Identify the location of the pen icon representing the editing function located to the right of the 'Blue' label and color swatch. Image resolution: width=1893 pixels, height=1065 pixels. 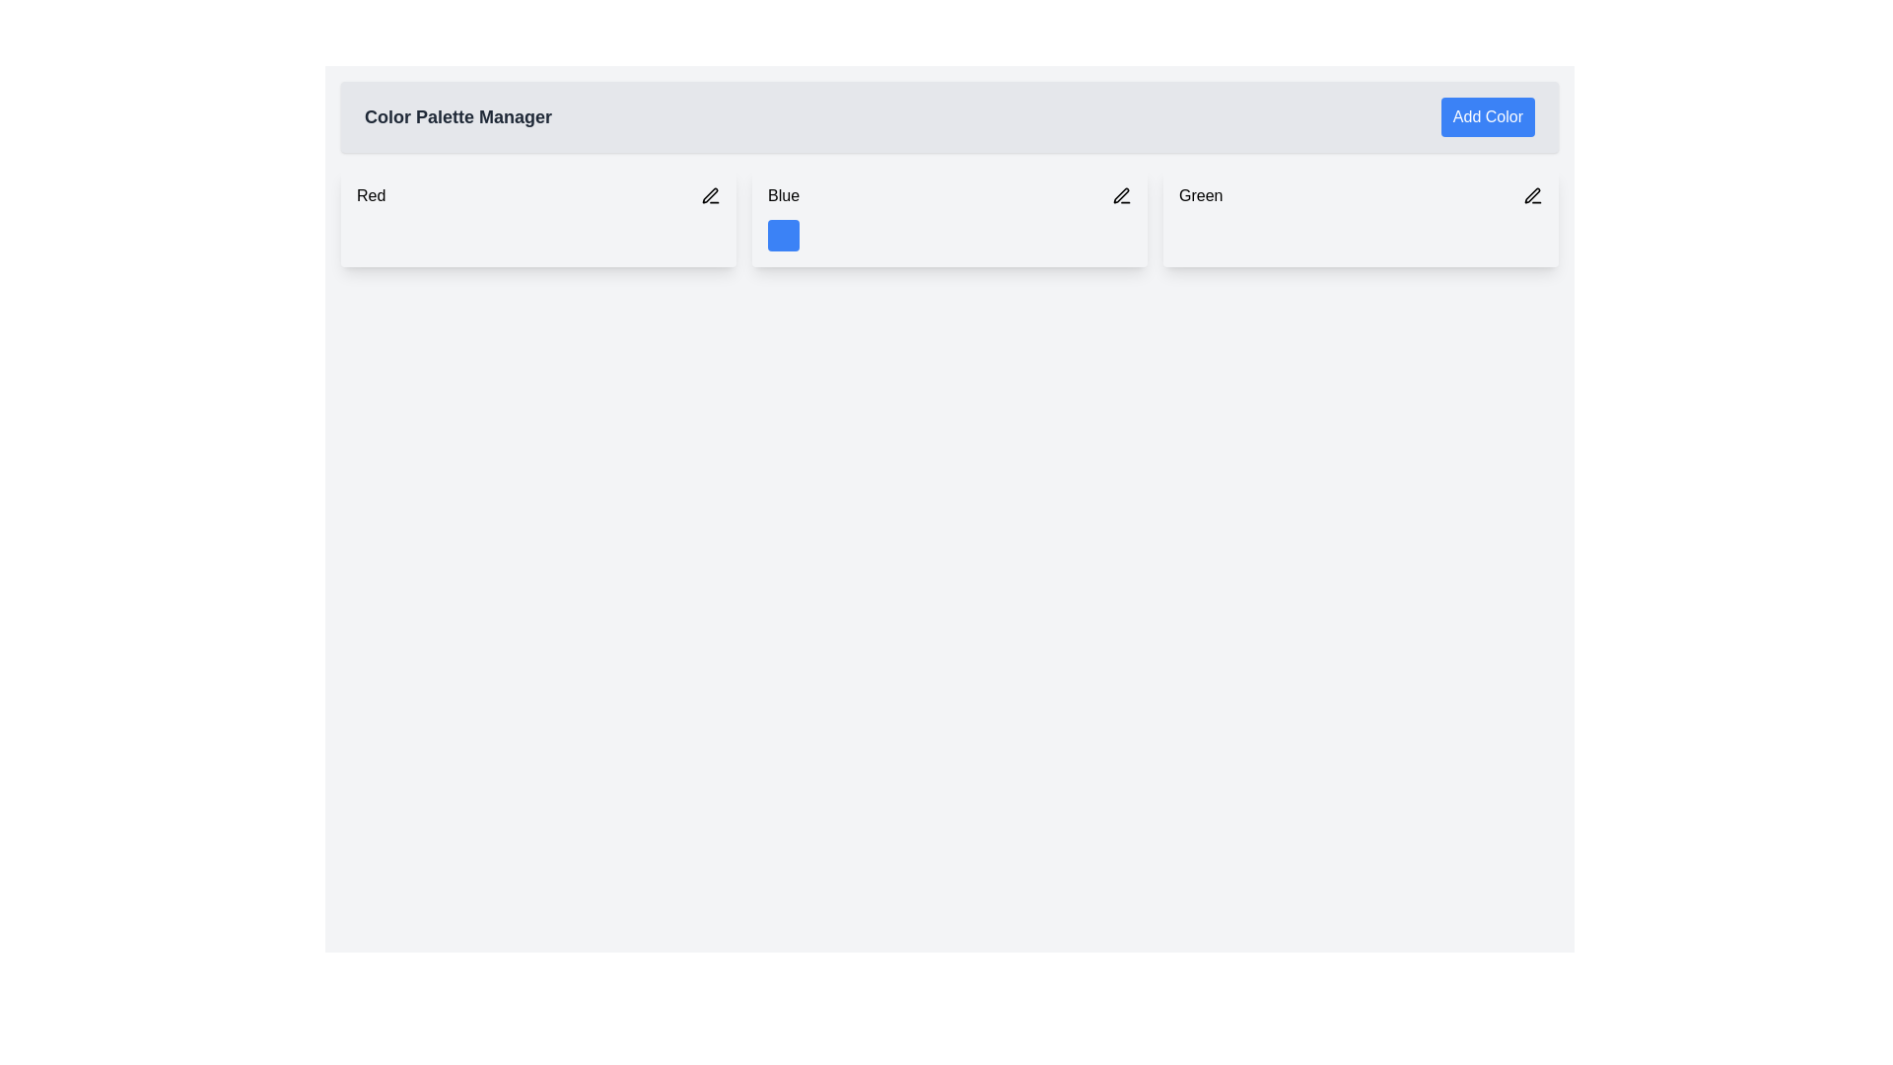
(1121, 196).